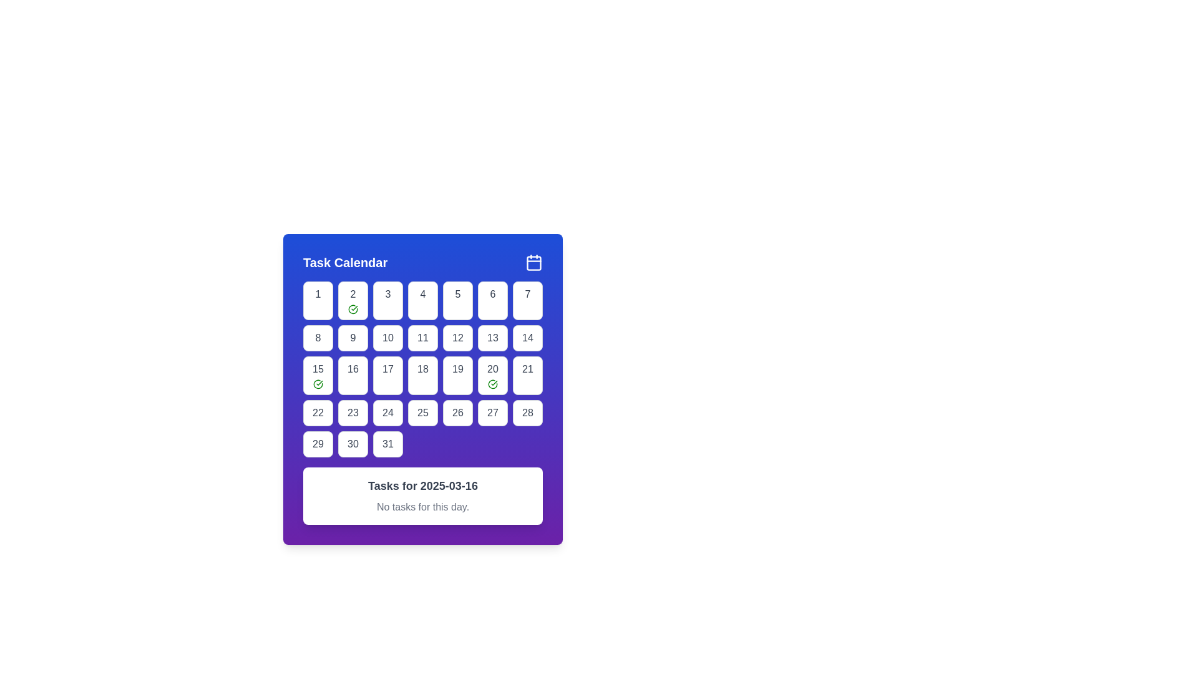 The image size is (1198, 674). What do you see at coordinates (353, 413) in the screenshot?
I see `the numeral '23' text within the white rounded square button in the calendar grid` at bounding box center [353, 413].